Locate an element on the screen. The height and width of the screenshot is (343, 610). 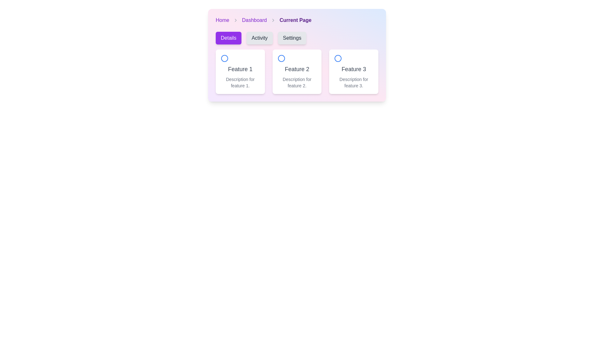
the icon representing the status or action for the card labeled 'Feature 2', located in the upper-center area above the text 'Feature 2' and 'Description for feature 2' is located at coordinates (281, 58).